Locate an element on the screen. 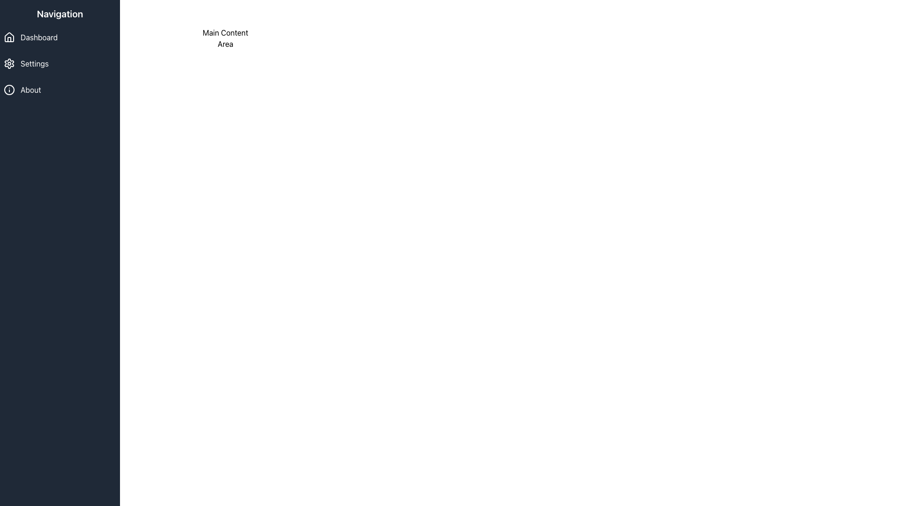  the rectangular base of the house-shaped icon indicating the 'Dashboard' menu item in the vertical navigation bar is located at coordinates (9, 39).